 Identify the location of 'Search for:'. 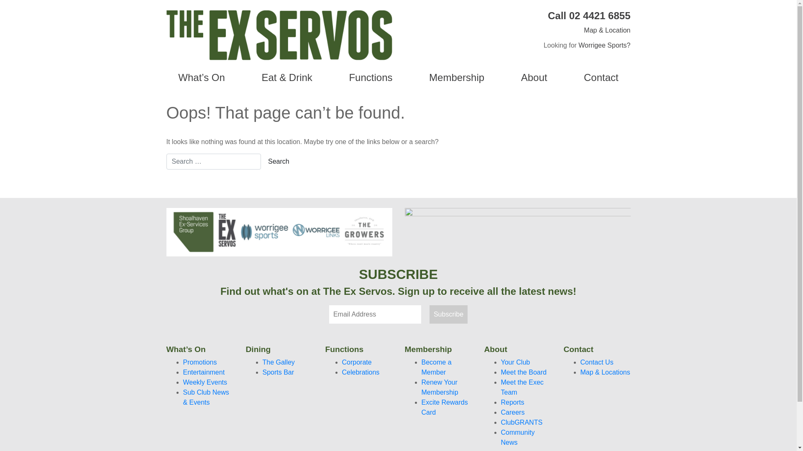
(166, 161).